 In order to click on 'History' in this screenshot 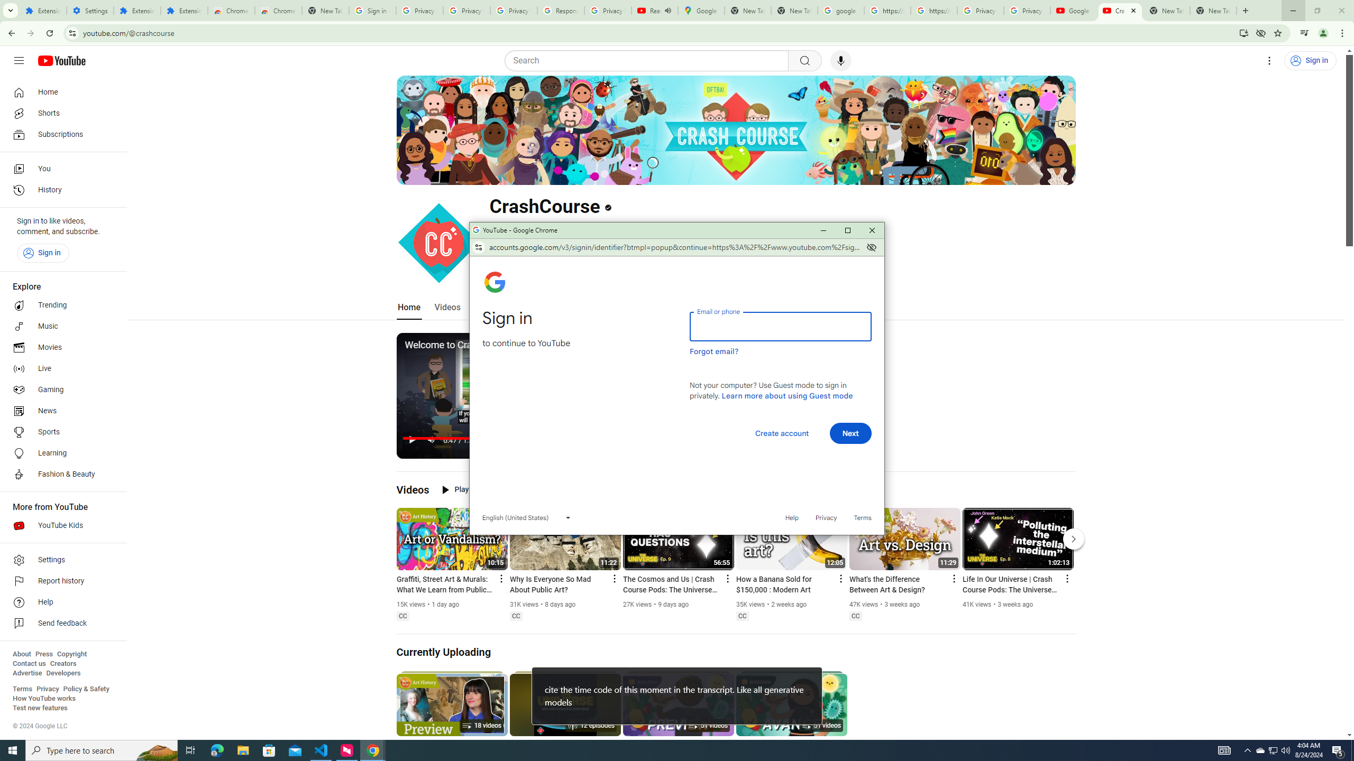, I will do `click(60, 190)`.